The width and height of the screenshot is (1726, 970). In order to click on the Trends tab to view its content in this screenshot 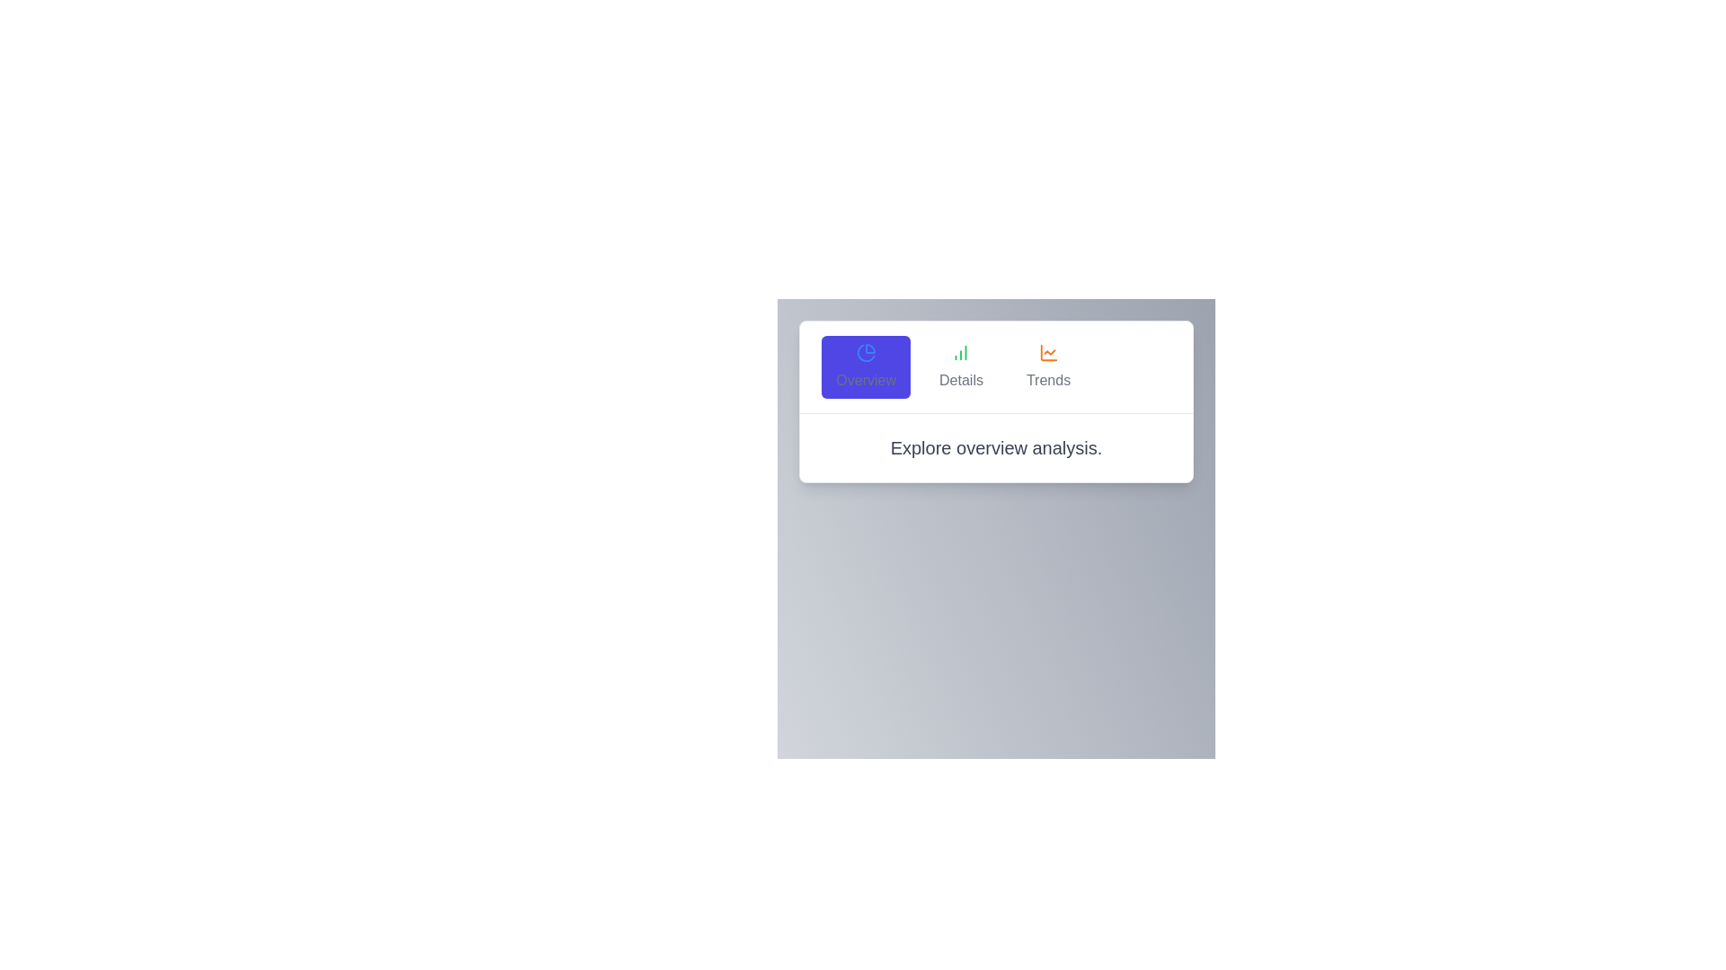, I will do `click(1048, 366)`.